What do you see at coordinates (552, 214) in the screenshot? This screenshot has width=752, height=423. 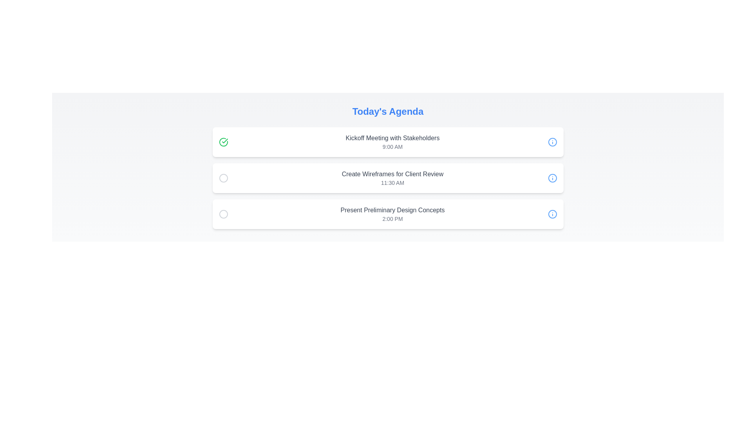 I see `the info icon for the task 'Present Preliminary Design Concepts'` at bounding box center [552, 214].